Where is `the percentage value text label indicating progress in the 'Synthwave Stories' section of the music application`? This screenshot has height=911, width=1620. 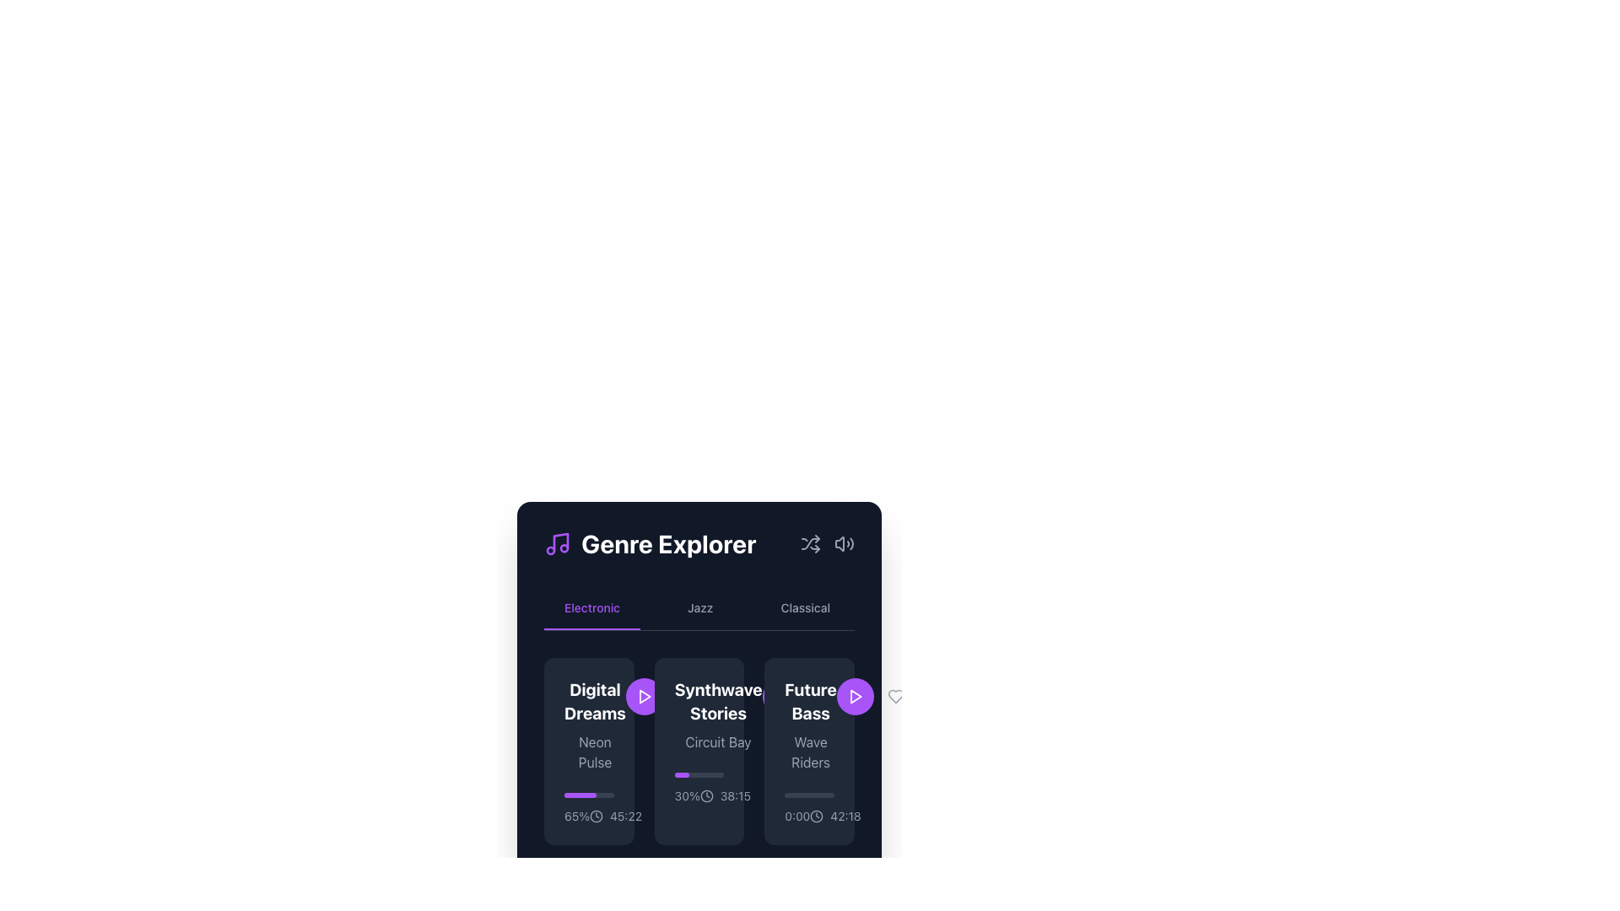 the percentage value text label indicating progress in the 'Synthwave Stories' section of the music application is located at coordinates (687, 796).